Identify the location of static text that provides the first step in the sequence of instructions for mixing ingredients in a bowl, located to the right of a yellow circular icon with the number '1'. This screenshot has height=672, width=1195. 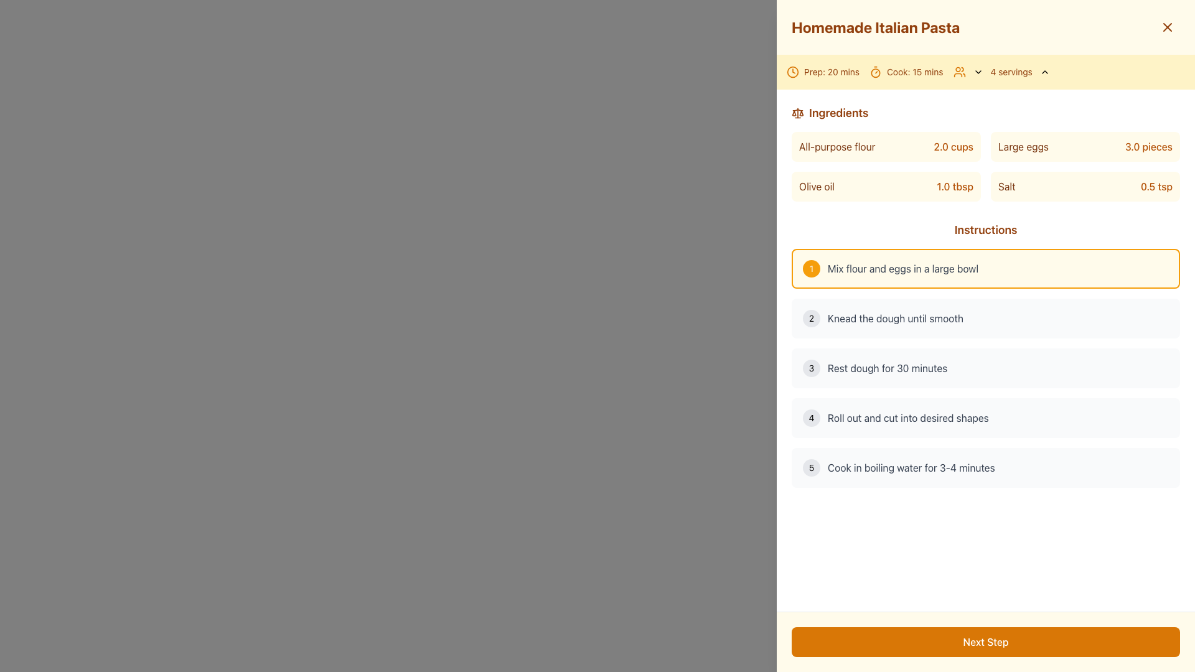
(903, 268).